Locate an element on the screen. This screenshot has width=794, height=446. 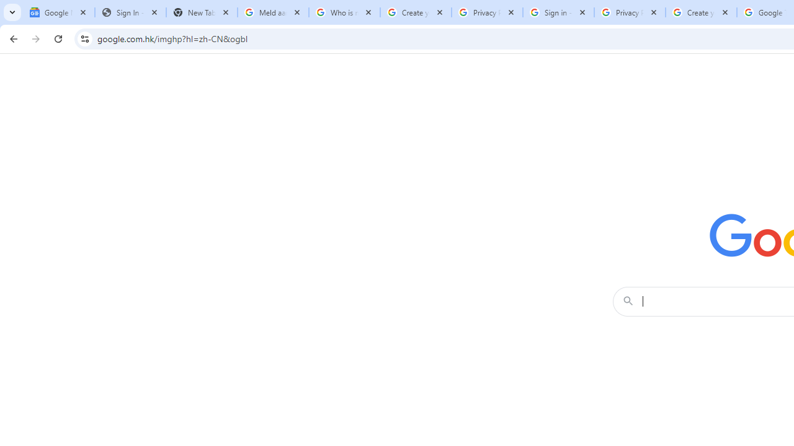
'Google News' is located at coordinates (58, 12).